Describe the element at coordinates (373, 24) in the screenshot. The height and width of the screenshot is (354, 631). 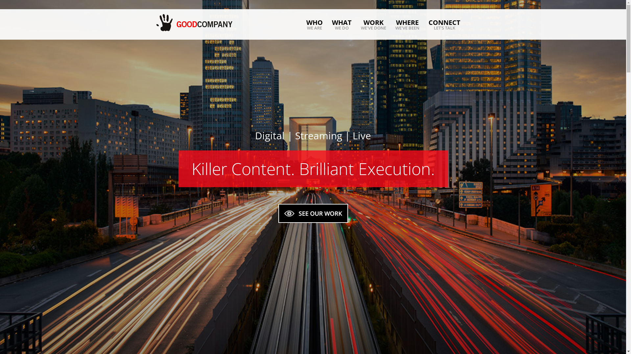
I see `'WORK` at that location.